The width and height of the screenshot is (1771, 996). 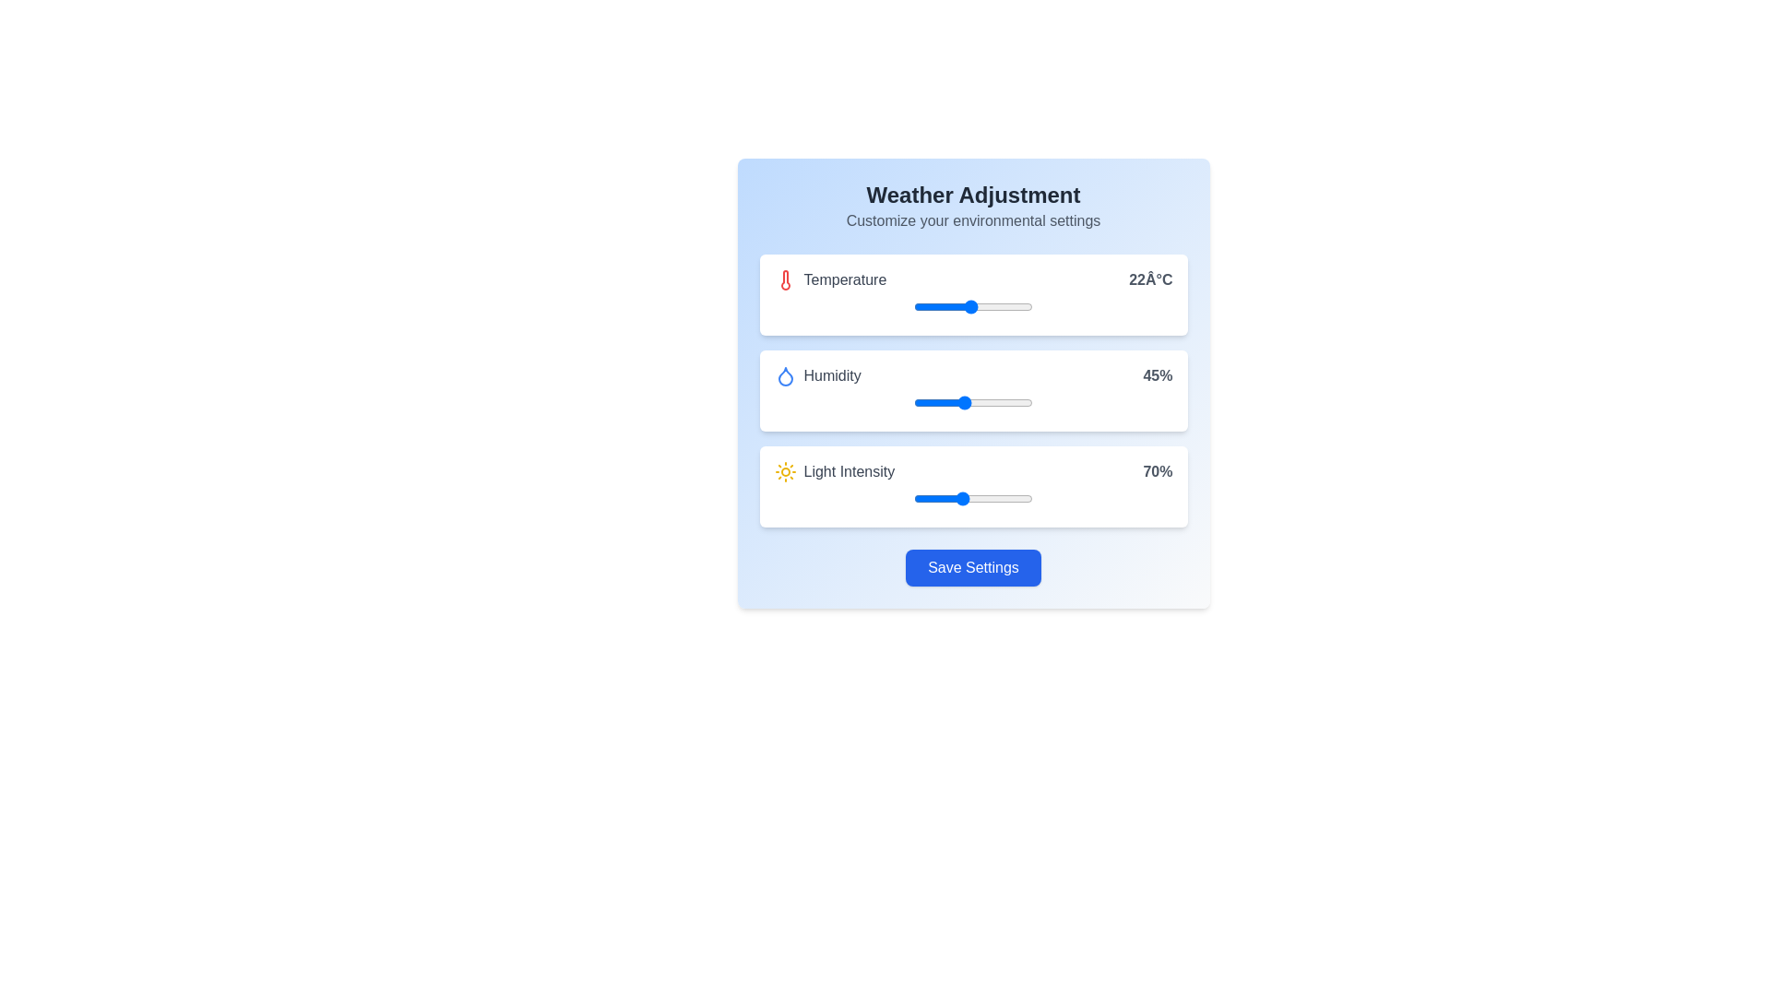 I want to click on the temperature, so click(x=1027, y=305).